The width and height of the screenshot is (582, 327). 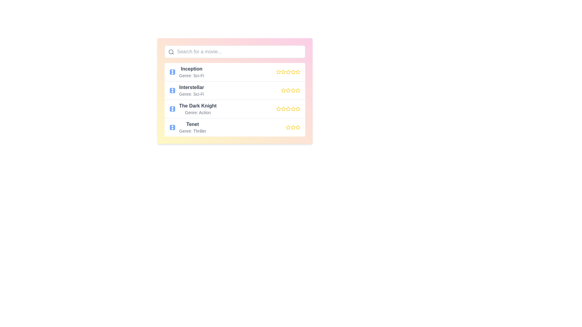 I want to click on to select the movie entry for 'Interstellar' in the movie list, which is the second entry located between 'Inception' and 'The Dark Knight.', so click(x=234, y=90).